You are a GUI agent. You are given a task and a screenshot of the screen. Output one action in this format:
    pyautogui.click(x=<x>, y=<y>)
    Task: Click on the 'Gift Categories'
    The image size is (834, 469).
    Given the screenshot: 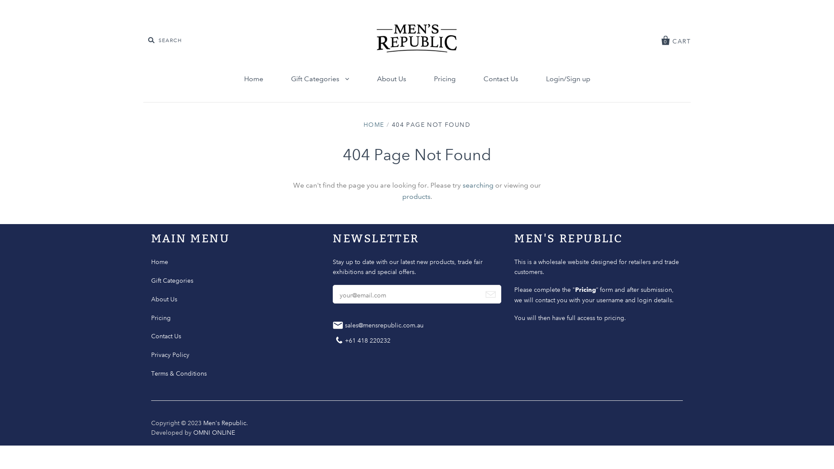 What is the action you would take?
    pyautogui.click(x=320, y=79)
    